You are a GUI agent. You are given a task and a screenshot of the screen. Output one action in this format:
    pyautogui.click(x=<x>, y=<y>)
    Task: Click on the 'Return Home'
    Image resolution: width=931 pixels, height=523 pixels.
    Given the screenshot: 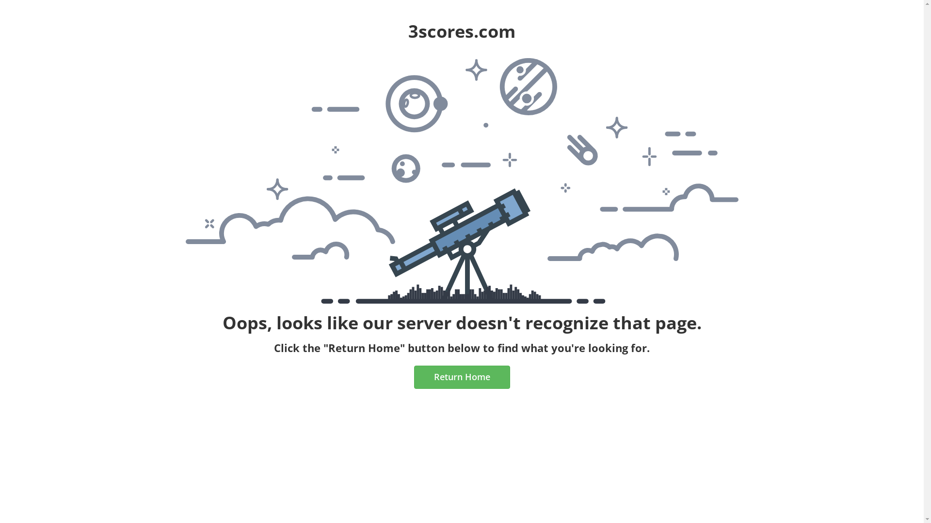 What is the action you would take?
    pyautogui.click(x=462, y=377)
    